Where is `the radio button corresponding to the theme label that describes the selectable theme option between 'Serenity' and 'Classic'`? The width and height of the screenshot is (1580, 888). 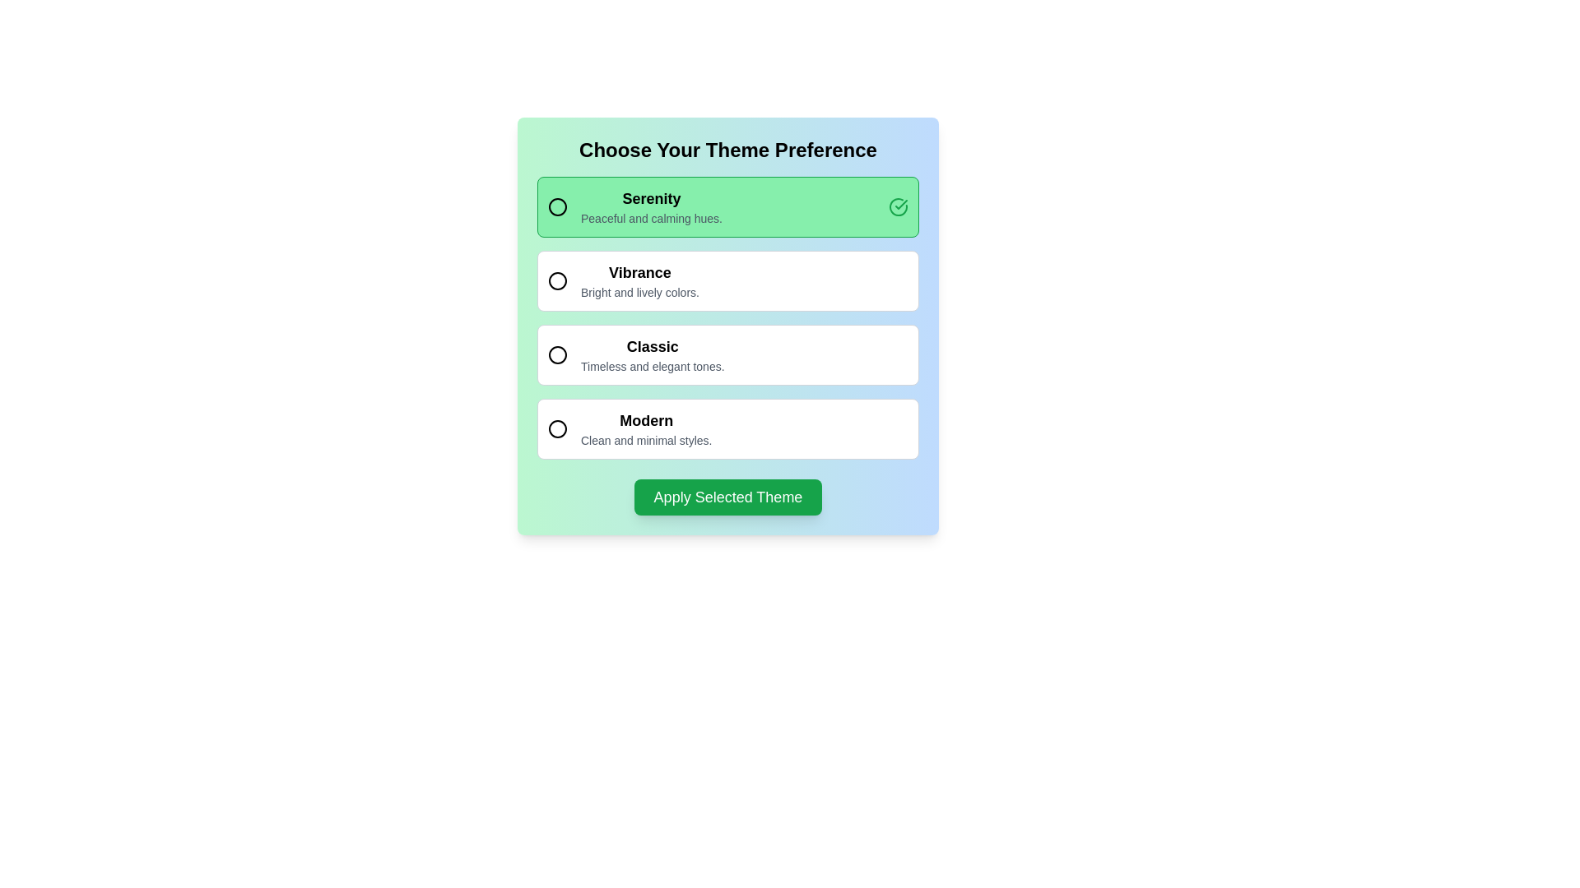 the radio button corresponding to the theme label that describes the selectable theme option between 'Serenity' and 'Classic' is located at coordinates (639, 280).